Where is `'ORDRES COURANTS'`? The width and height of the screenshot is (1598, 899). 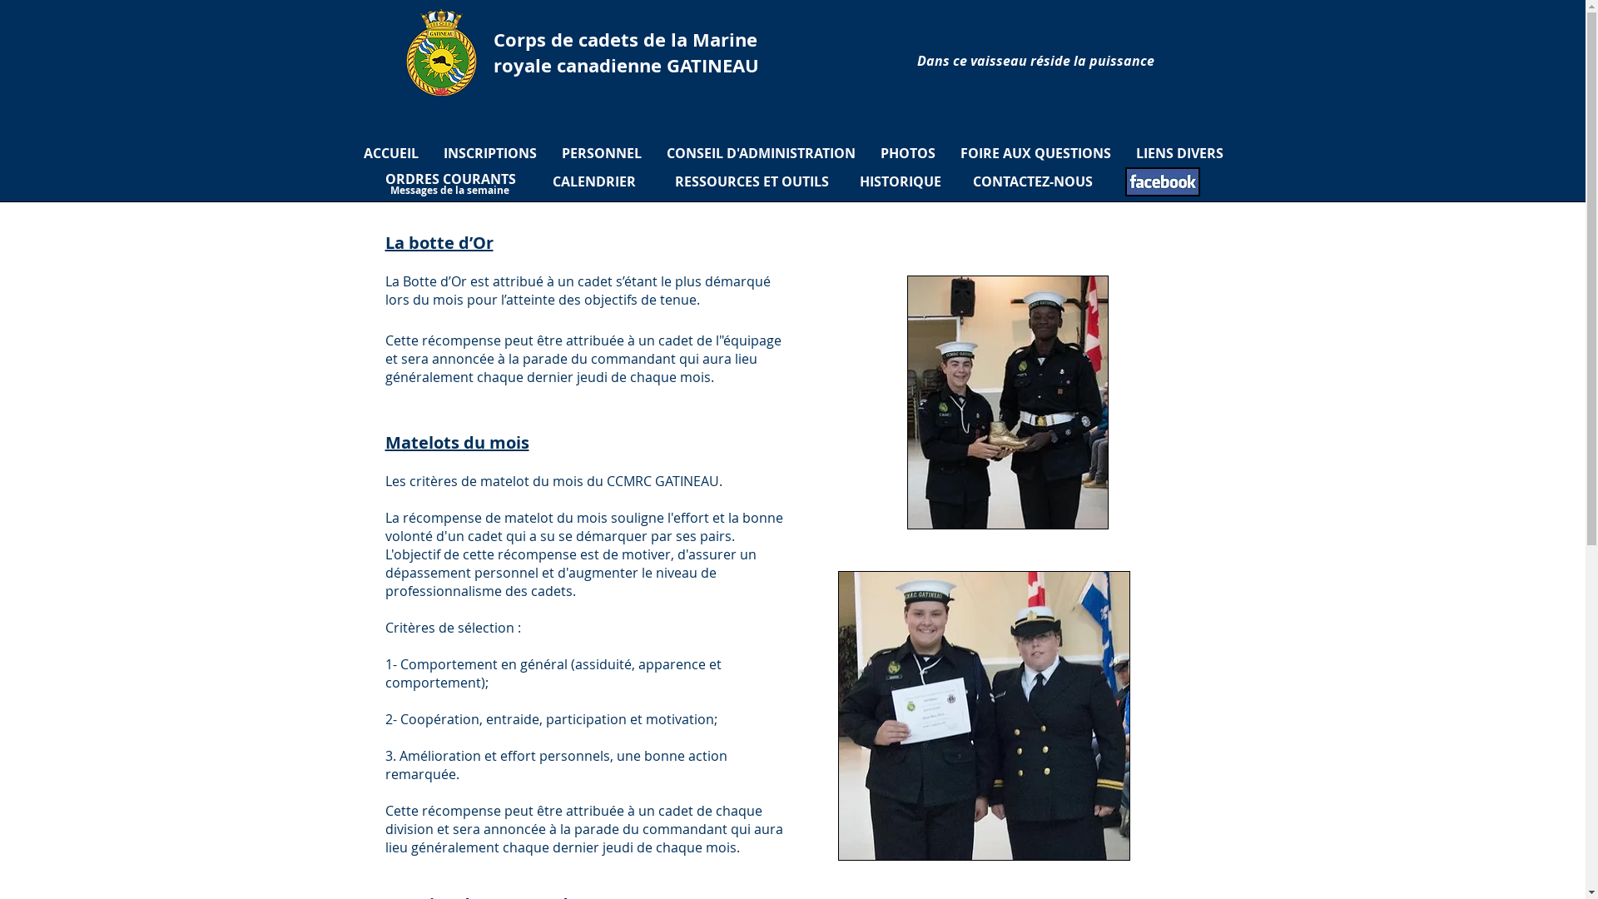
'ORDRES COURANTS' is located at coordinates (449, 179).